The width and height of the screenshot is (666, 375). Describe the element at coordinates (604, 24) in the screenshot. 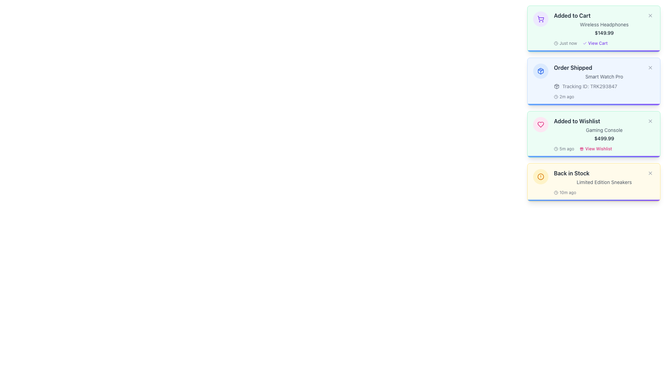

I see `the text label reading 'Wireless Headphones', which is styled in a smaller gray font and located within the notification card directly below 'Added to Cart'` at that location.